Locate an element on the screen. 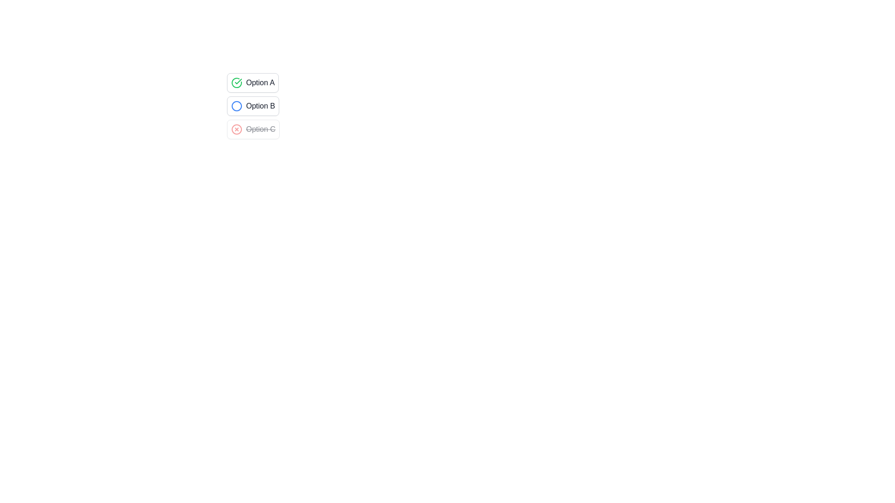  the selectable option located at the top of the vertical list, above 'Option B' and 'Option C' is located at coordinates (253, 82).